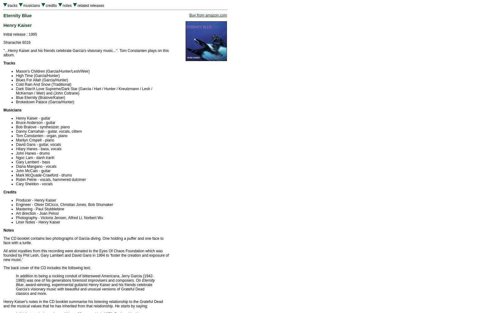 This screenshot has height=313, width=498. Describe the element at coordinates (16, 149) in the screenshot. I see `'Hilary Hanes - bass, vocals'` at that location.